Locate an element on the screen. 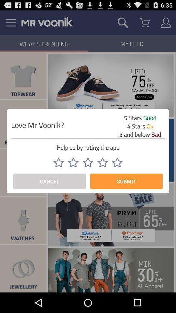  the item below the help us by icon is located at coordinates (102, 162).